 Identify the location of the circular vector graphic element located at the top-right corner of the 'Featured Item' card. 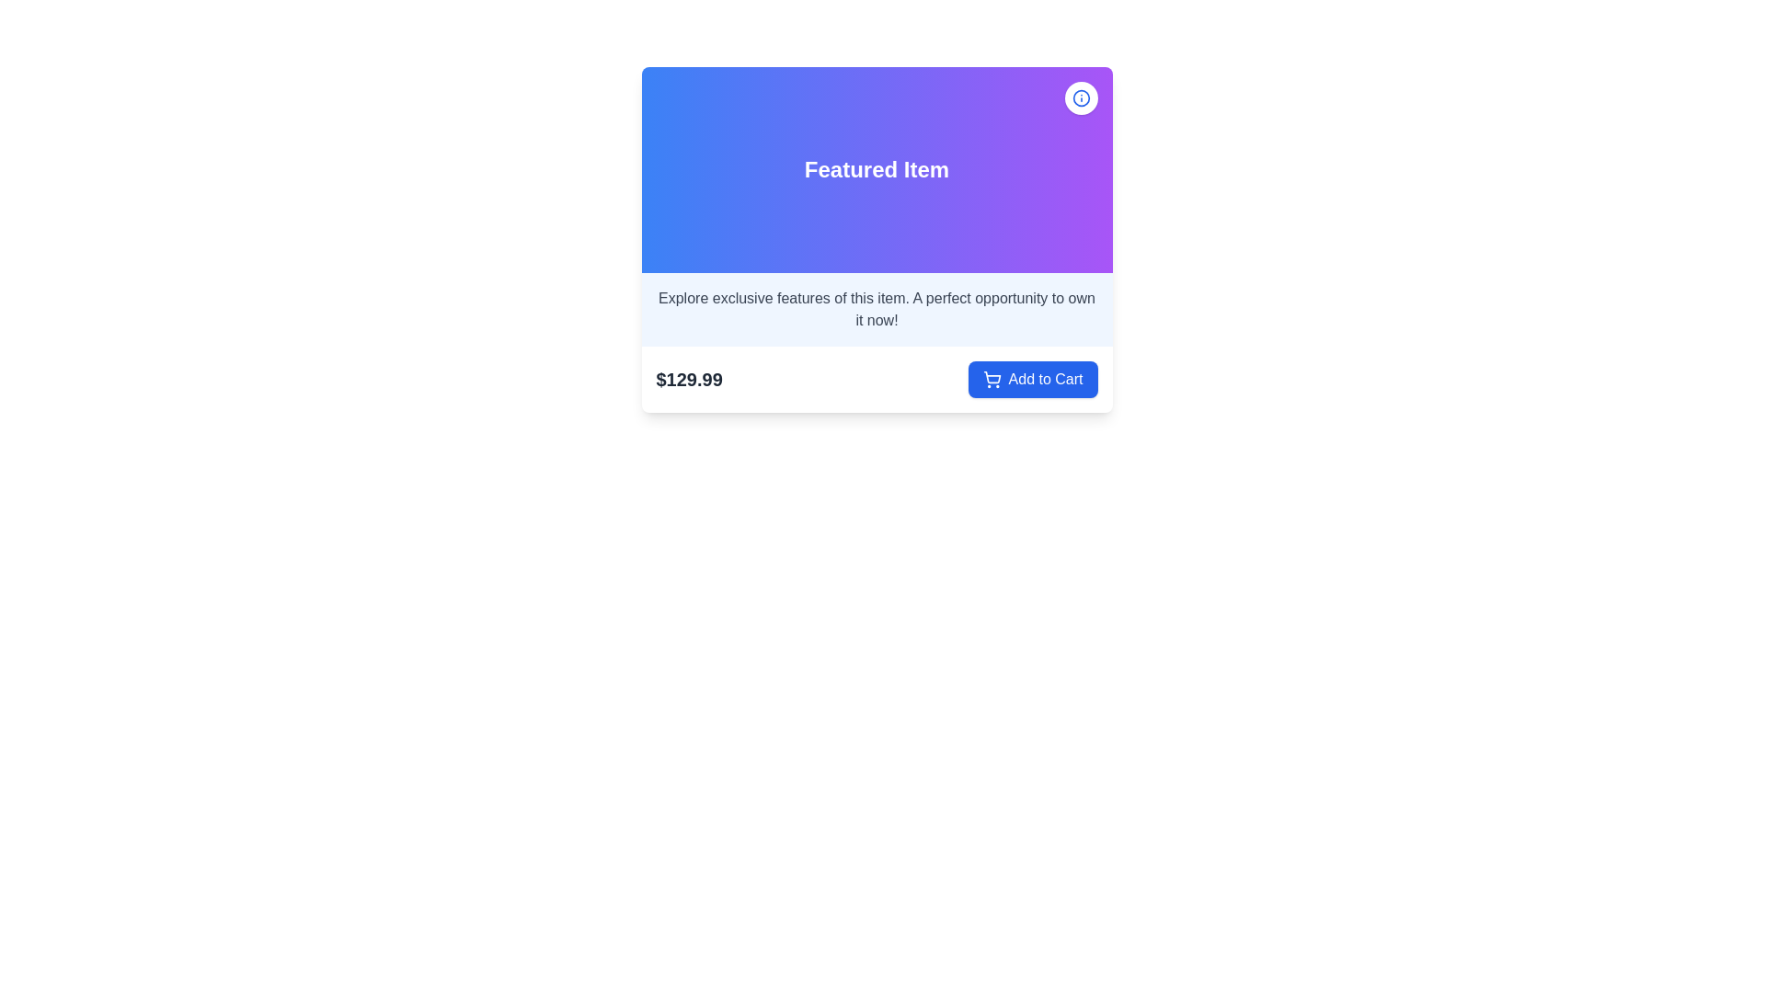
(1081, 98).